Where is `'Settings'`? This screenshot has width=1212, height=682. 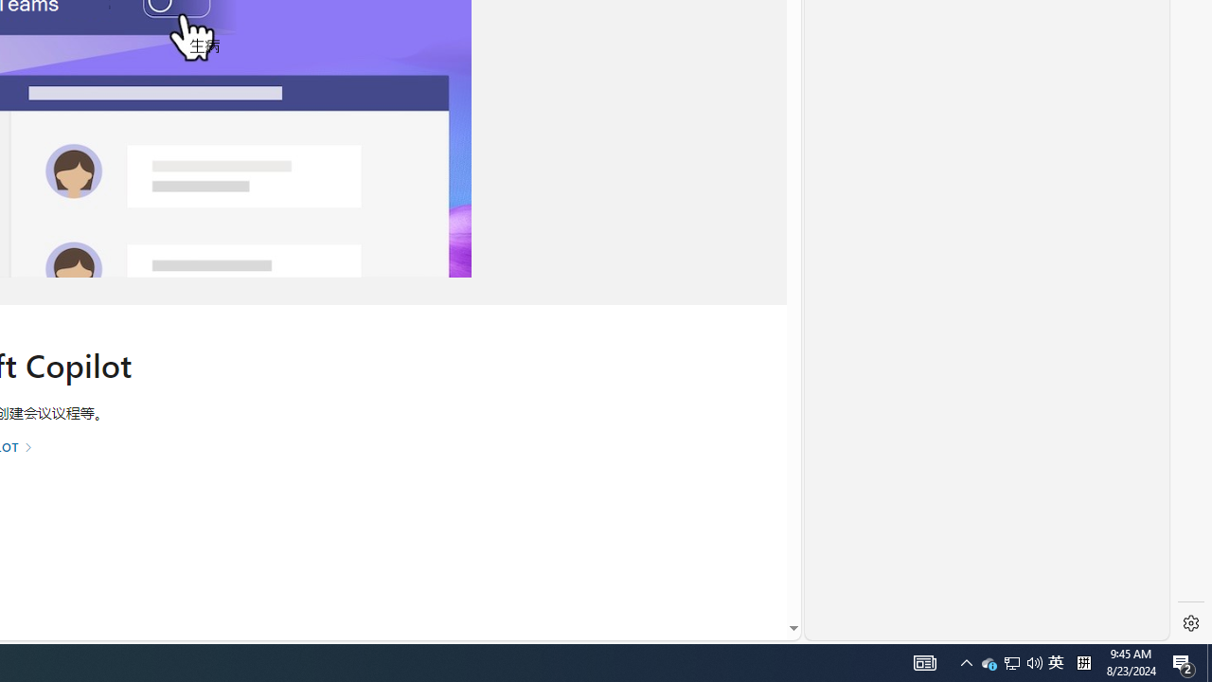 'Settings' is located at coordinates (1190, 623).